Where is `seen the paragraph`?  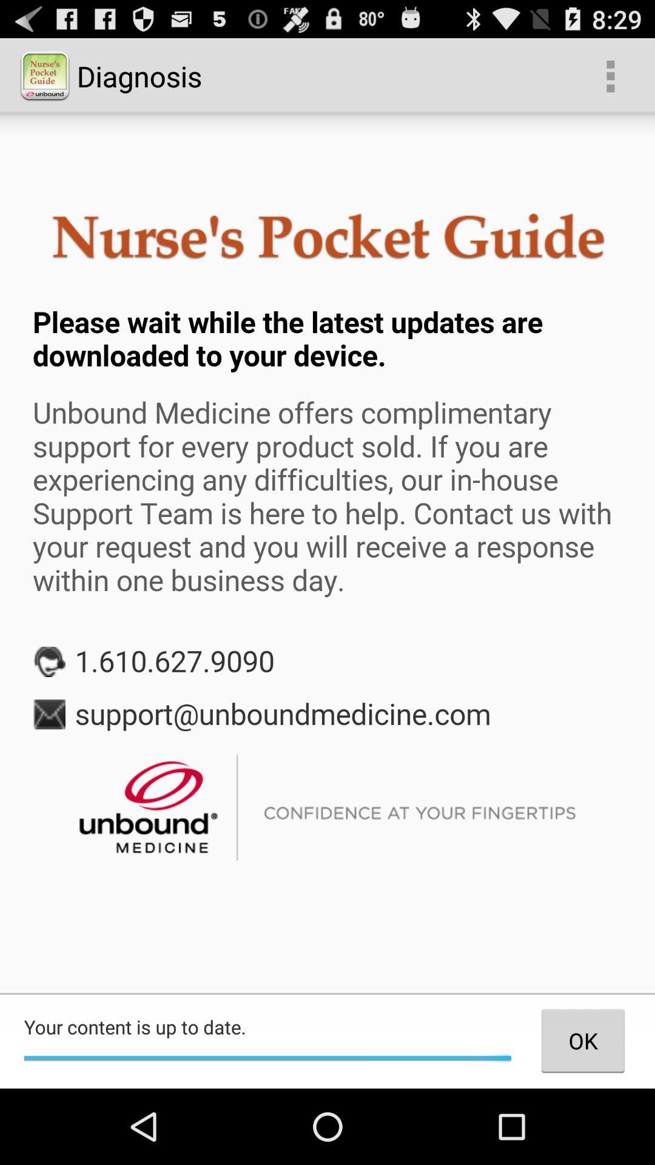 seen the paragraph is located at coordinates (327, 553).